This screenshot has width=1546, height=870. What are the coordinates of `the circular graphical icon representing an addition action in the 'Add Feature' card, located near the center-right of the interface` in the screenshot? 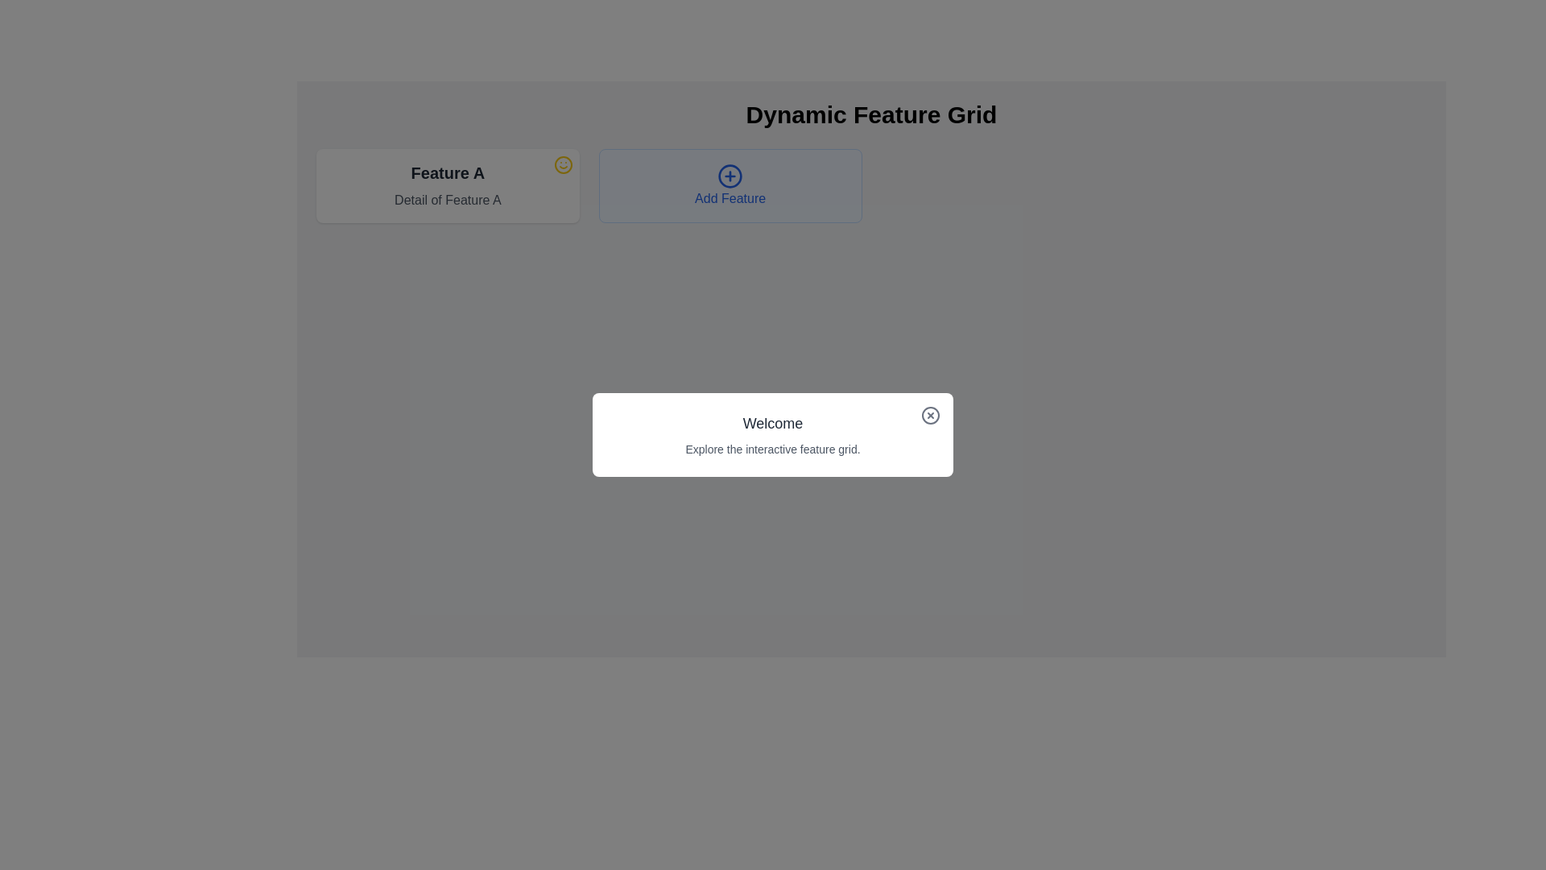 It's located at (730, 176).